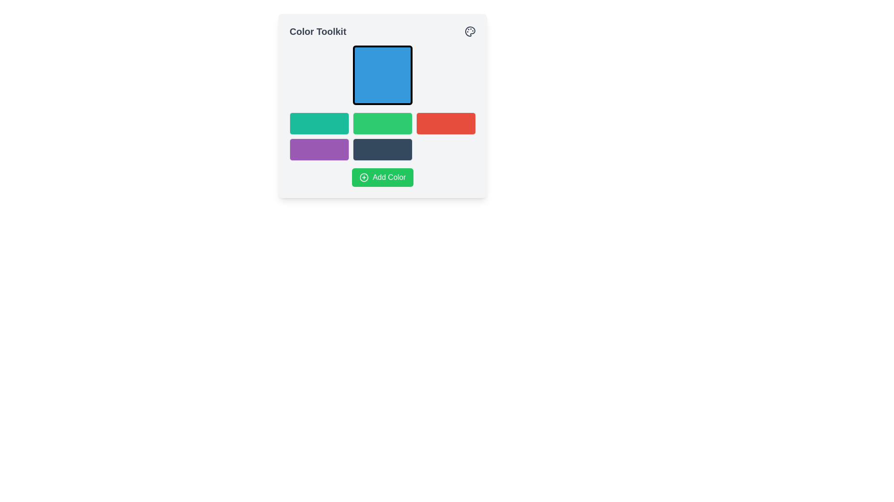 The width and height of the screenshot is (894, 502). Describe the element at coordinates (364, 177) in the screenshot. I see `the icon that enhances the 'Add Color' button, which is the leftmost item within the button labeled 'Add Color'` at that location.